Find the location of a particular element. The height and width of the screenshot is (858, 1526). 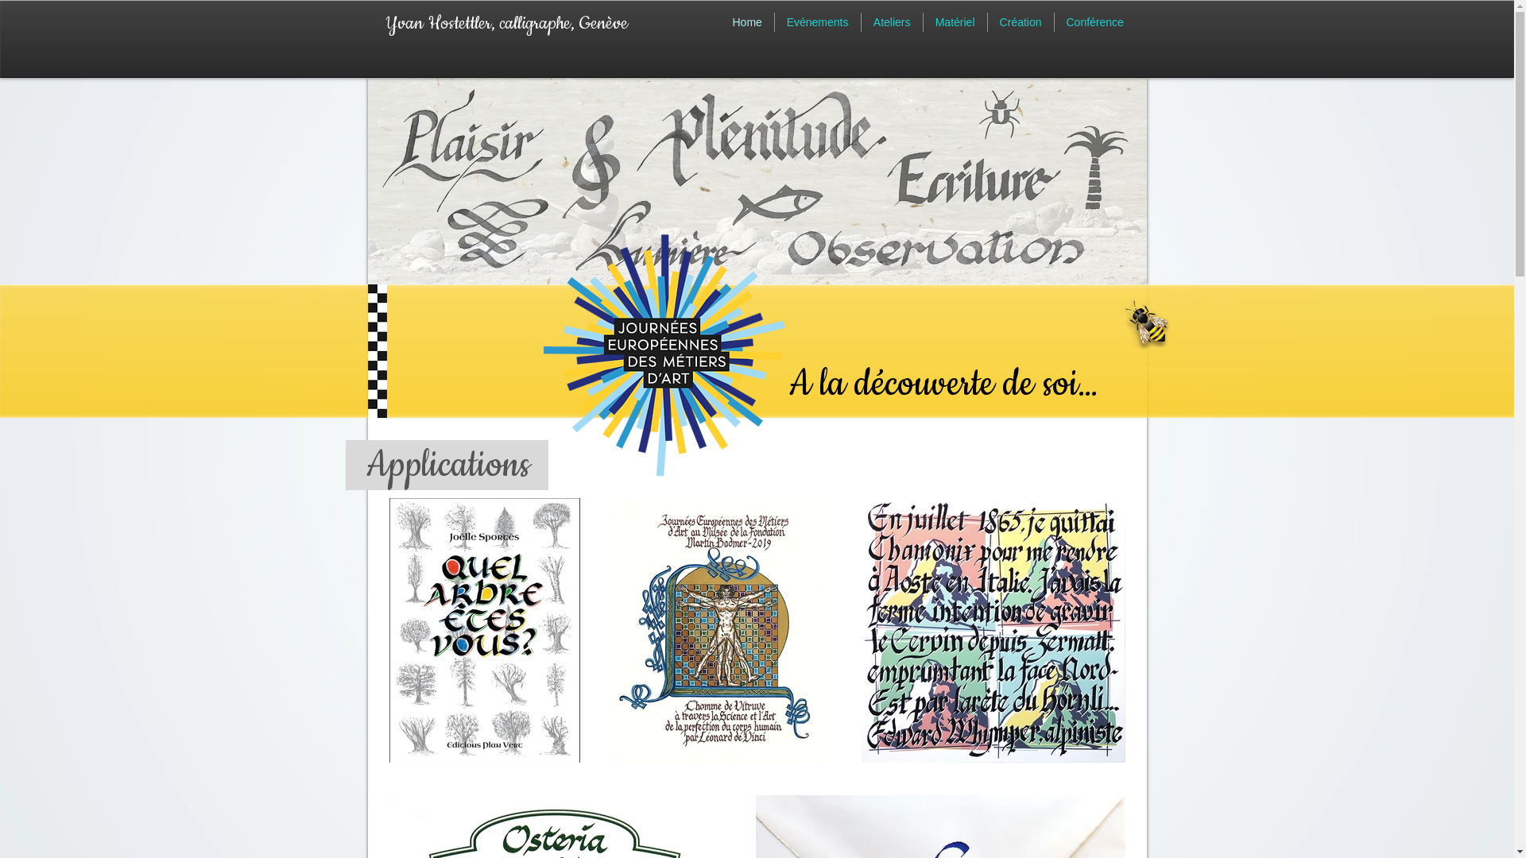

'Home' is located at coordinates (746, 21).